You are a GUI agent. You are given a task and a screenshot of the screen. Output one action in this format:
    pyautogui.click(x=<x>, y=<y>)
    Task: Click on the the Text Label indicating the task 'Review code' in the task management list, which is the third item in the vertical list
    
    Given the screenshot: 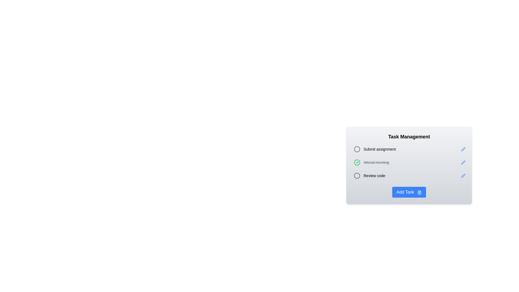 What is the action you would take?
    pyautogui.click(x=374, y=176)
    